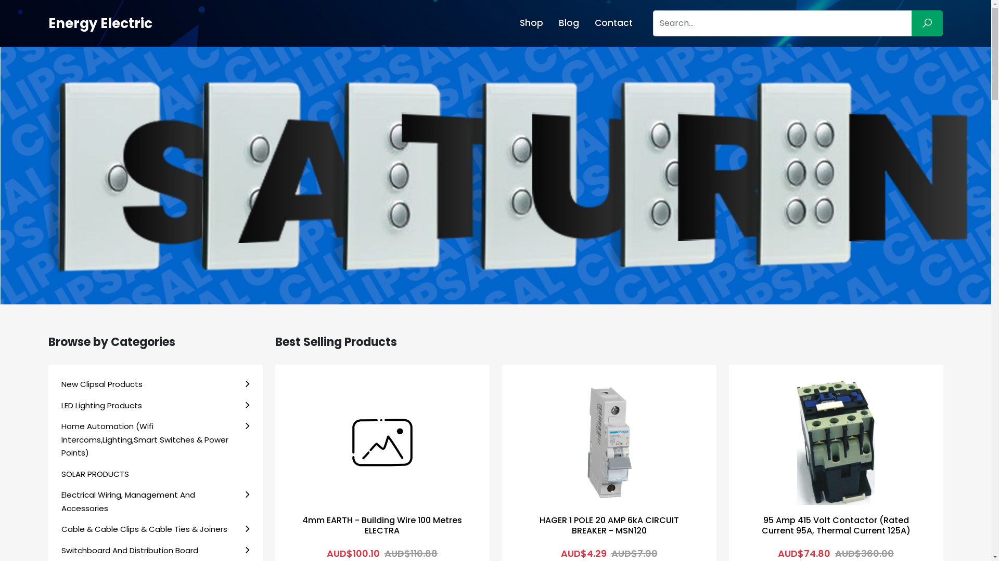 The width and height of the screenshot is (999, 561). Describe the element at coordinates (155, 550) in the screenshot. I see `'Switchboard And Distribution Board'` at that location.